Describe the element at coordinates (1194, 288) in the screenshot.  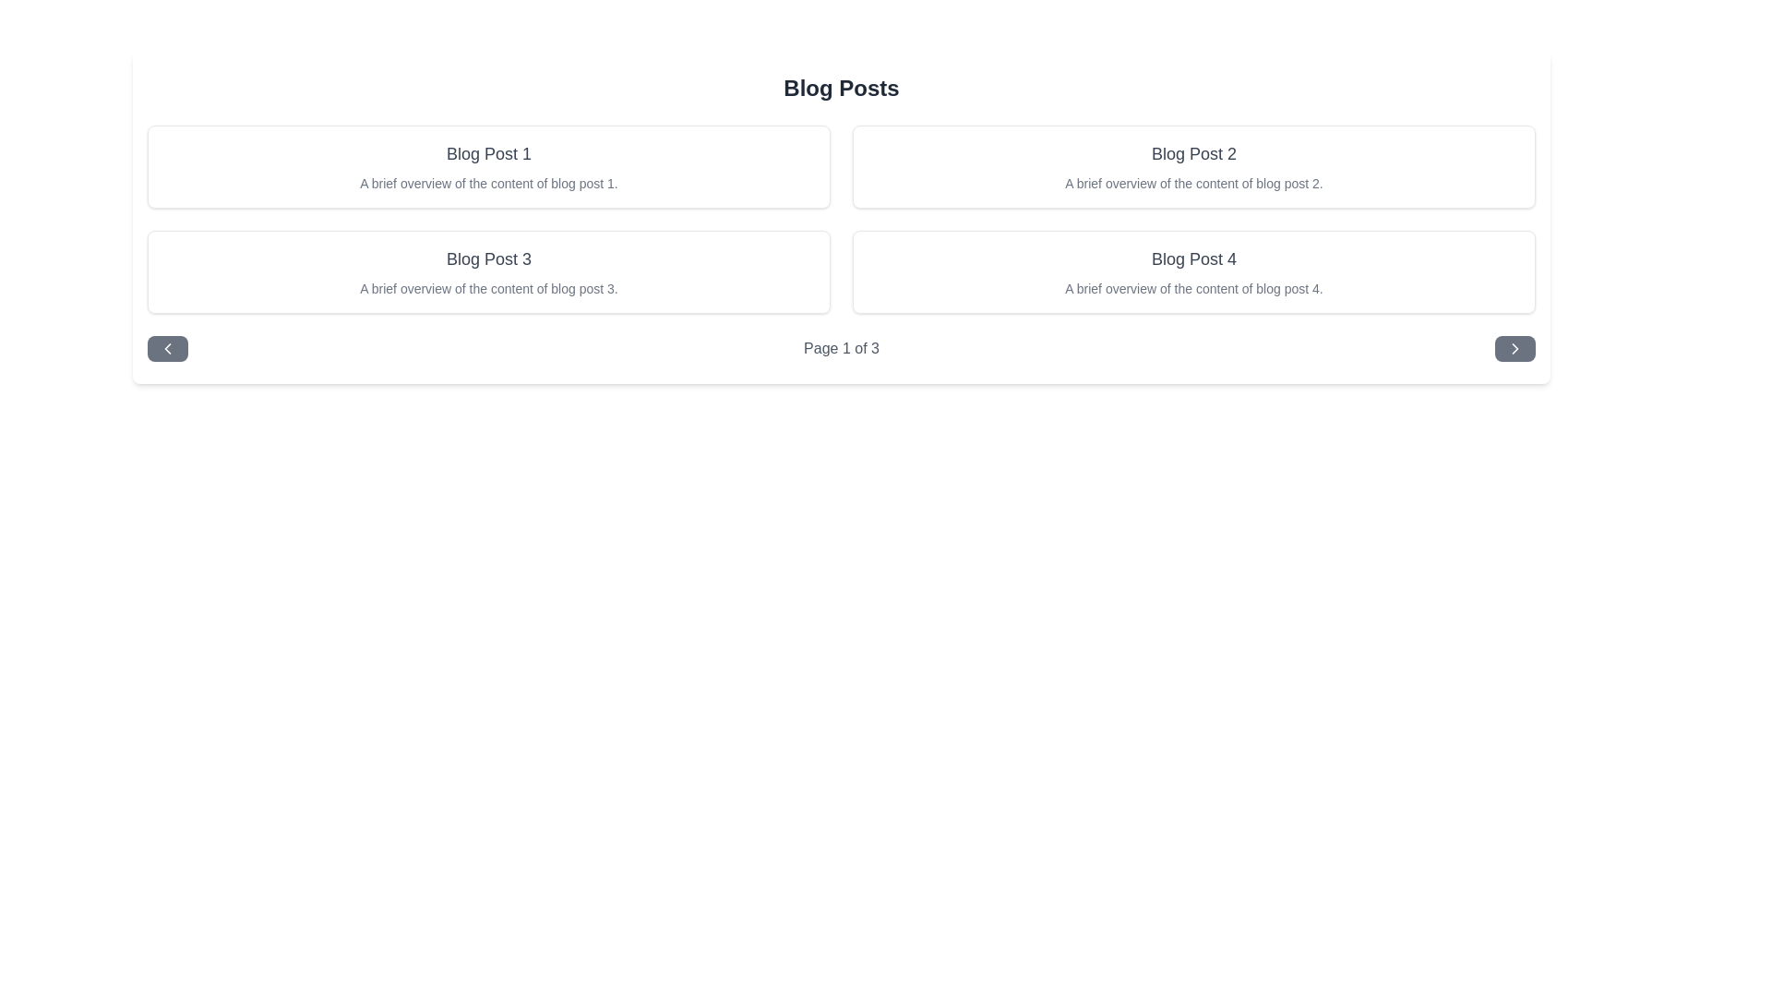
I see `text label located under the heading 'Blog Post 4' in the bottom-right card of the interface, which provides a summary or short description of the content associated with that card` at that location.